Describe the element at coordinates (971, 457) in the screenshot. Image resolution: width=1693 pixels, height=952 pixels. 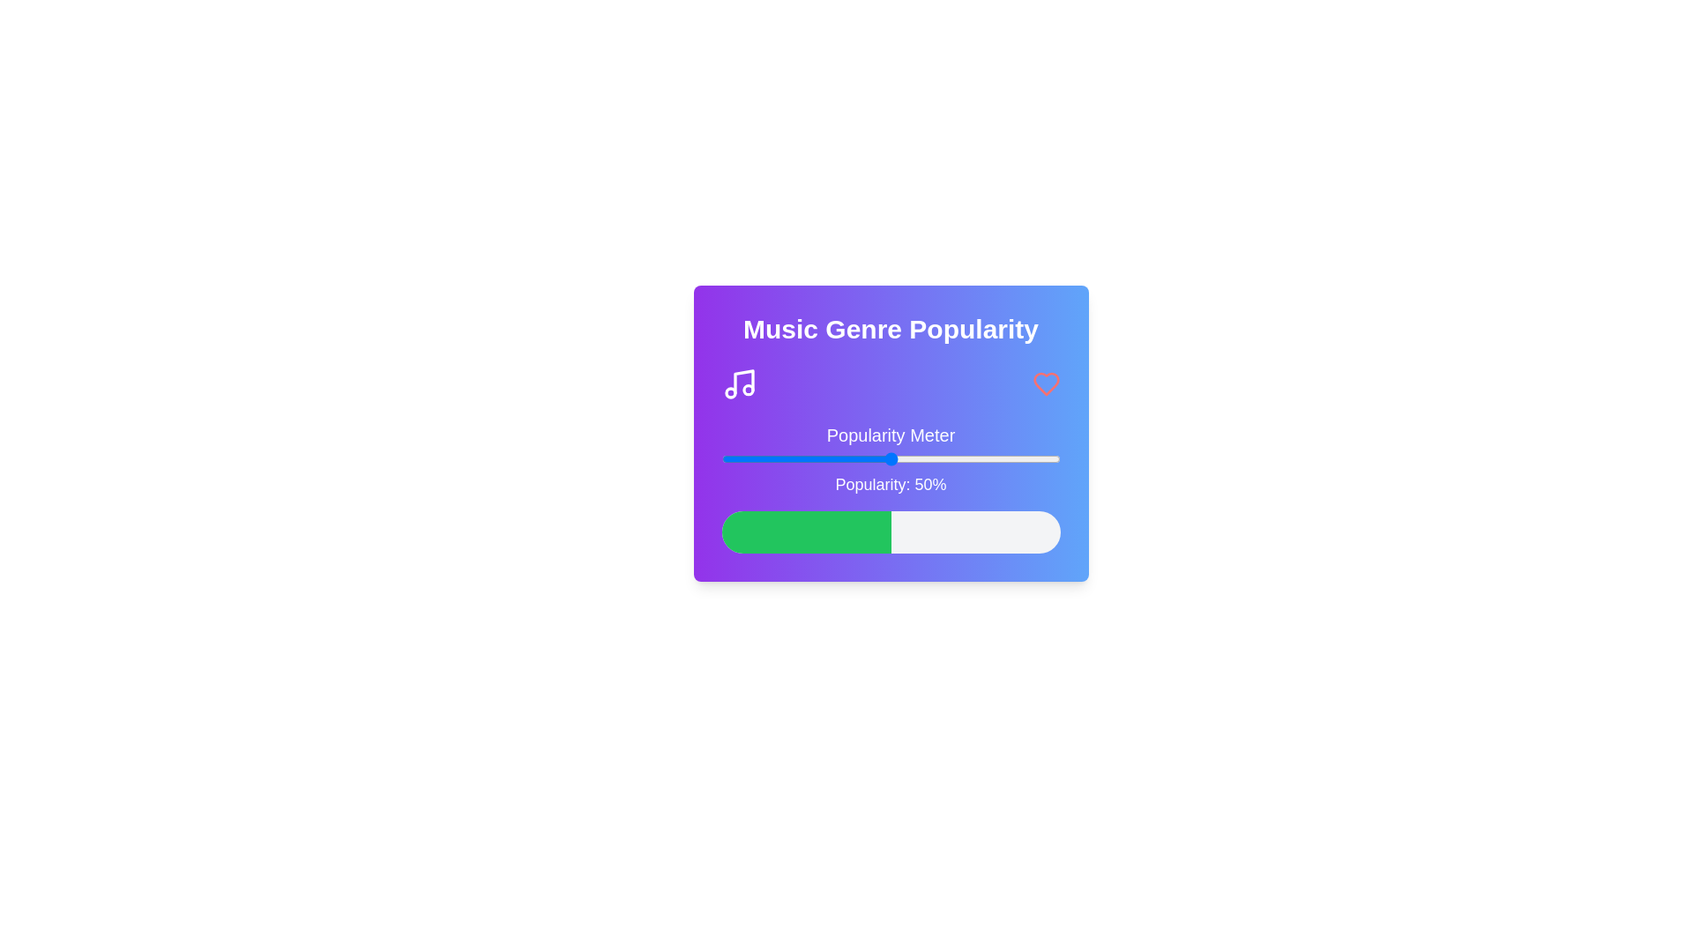
I see `the popularity slider to 74%` at that location.